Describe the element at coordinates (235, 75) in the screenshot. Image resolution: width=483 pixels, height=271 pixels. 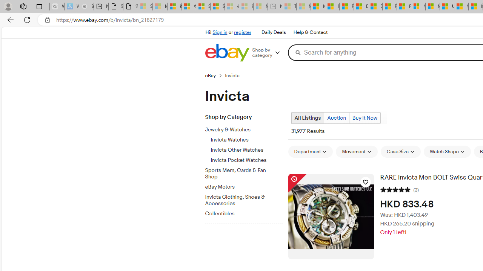
I see `'Invicta'` at that location.